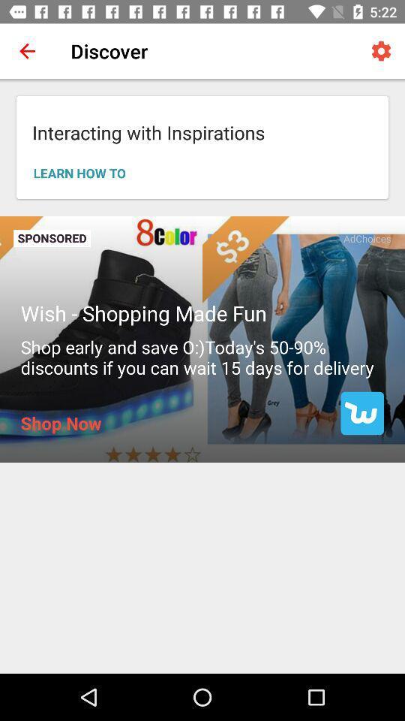  I want to click on item next to discover icon, so click(381, 51).